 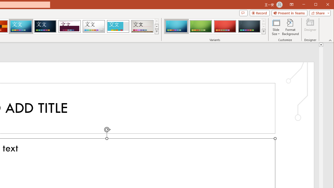 What do you see at coordinates (249, 26) in the screenshot?
I see `'Circuit Variant 4'` at bounding box center [249, 26].